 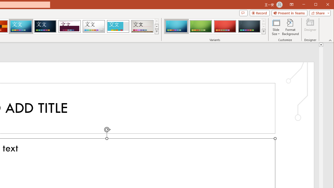 What do you see at coordinates (249, 26) in the screenshot?
I see `'Circuit Variant 4'` at bounding box center [249, 26].